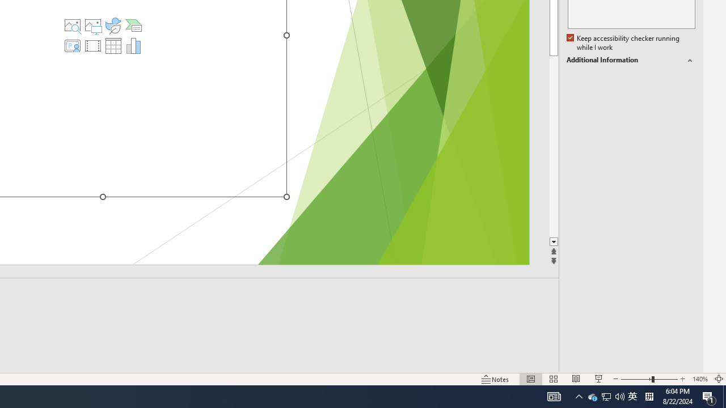 Image resolution: width=726 pixels, height=408 pixels. I want to click on 'Zoom 140%', so click(699, 379).